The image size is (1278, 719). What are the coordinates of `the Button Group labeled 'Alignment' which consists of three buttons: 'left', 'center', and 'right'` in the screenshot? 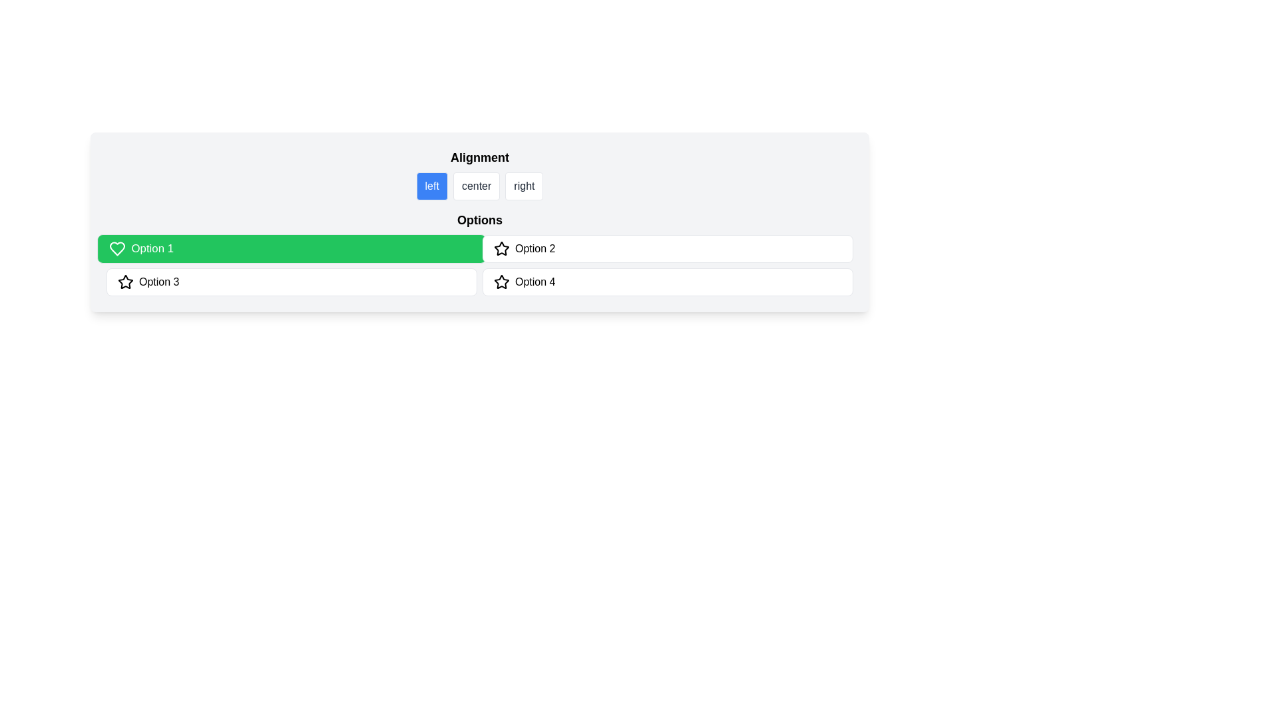 It's located at (479, 186).